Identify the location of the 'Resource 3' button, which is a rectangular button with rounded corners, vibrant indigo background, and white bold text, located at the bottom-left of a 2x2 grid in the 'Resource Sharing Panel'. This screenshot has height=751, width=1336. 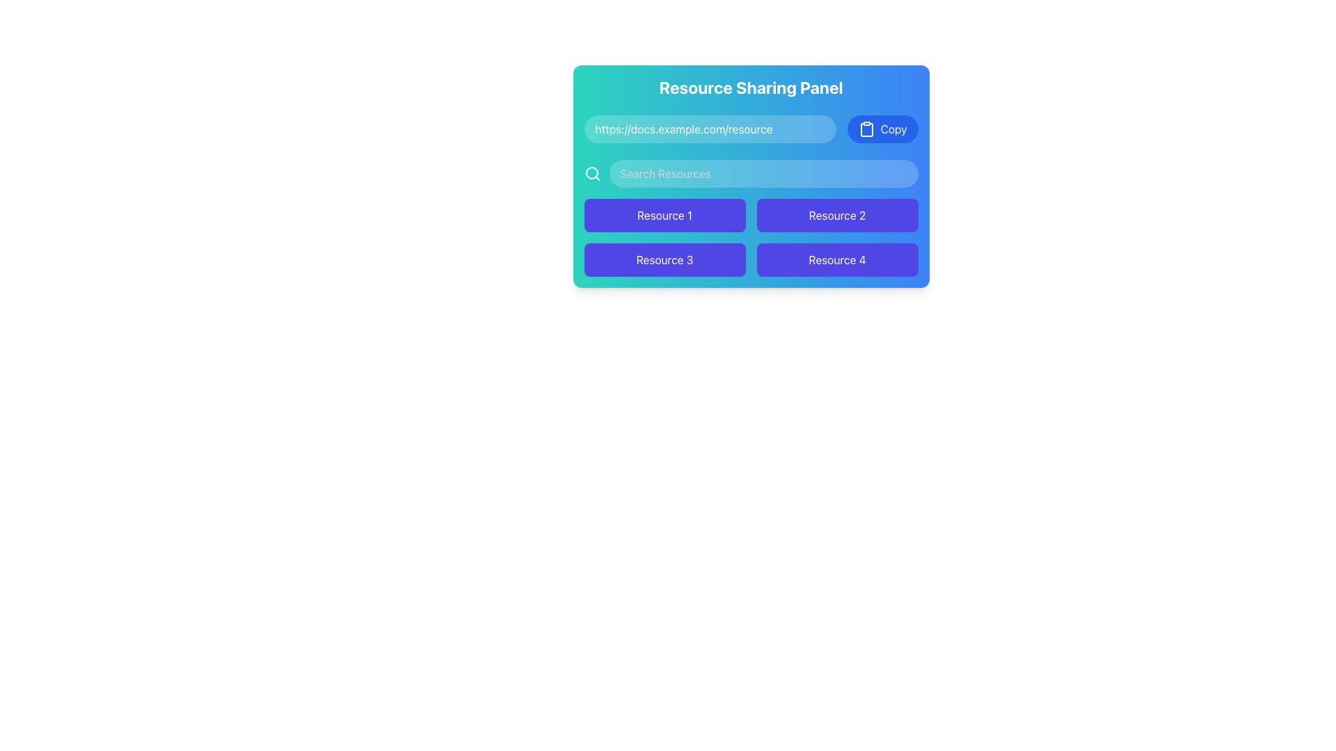
(664, 260).